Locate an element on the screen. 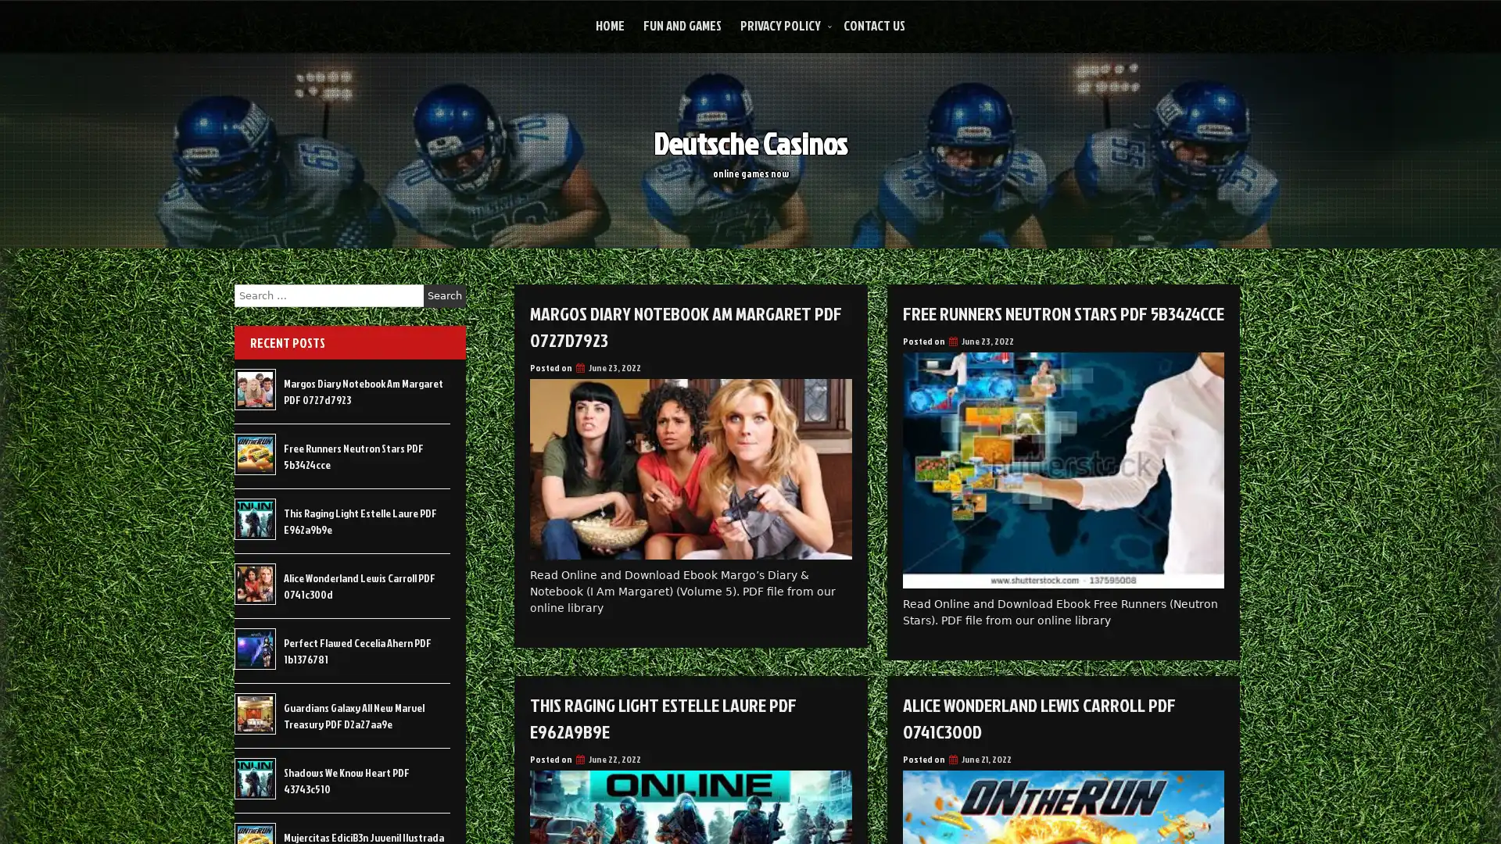  Search is located at coordinates (444, 295).